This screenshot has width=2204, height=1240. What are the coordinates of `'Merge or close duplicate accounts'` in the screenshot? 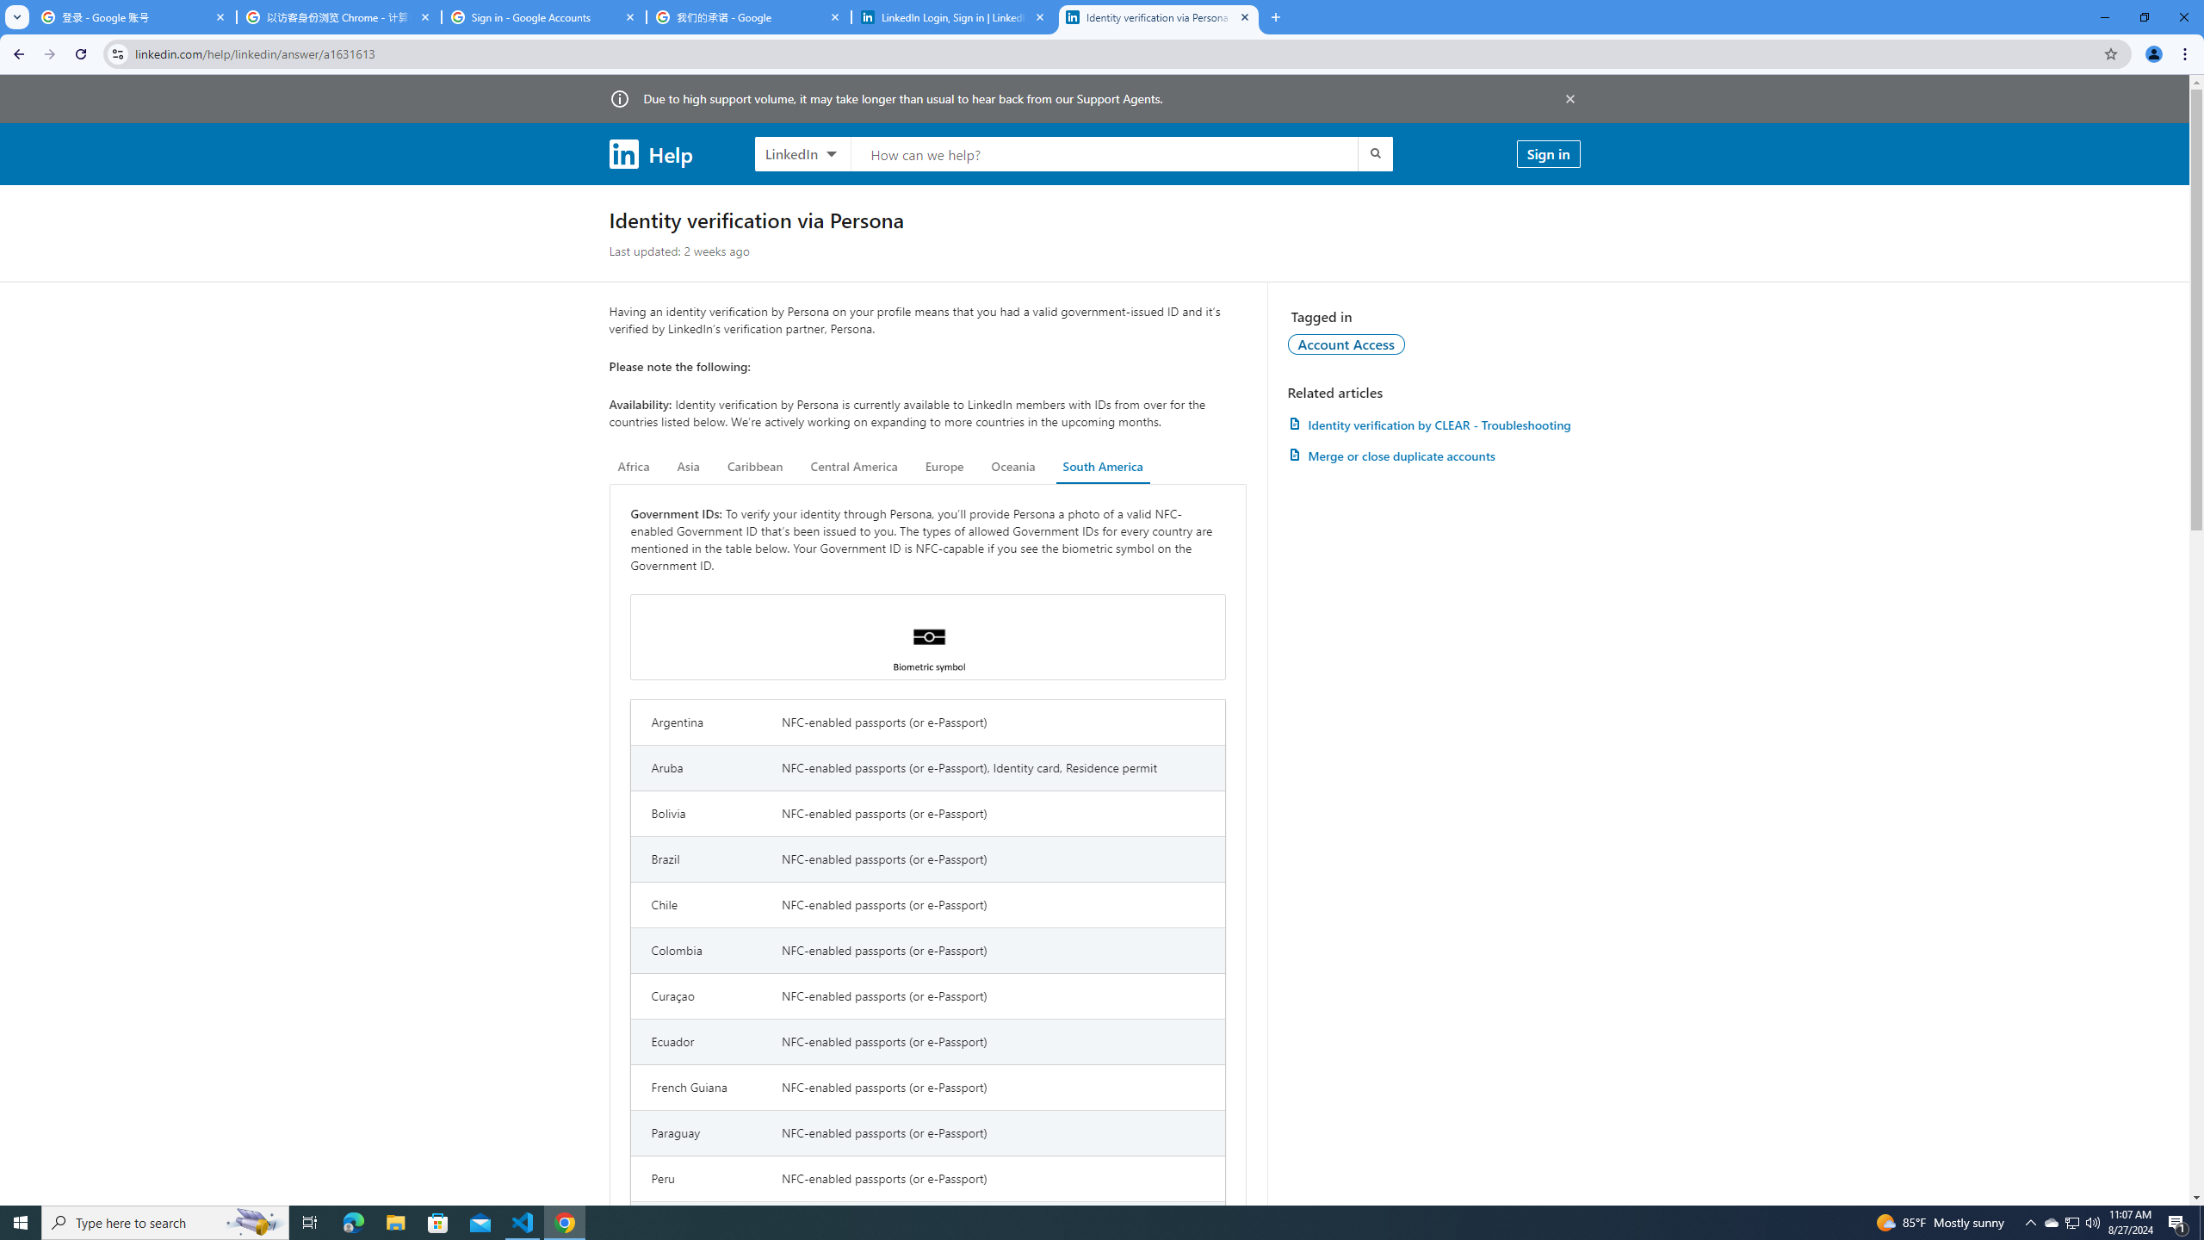 It's located at (1433, 455).